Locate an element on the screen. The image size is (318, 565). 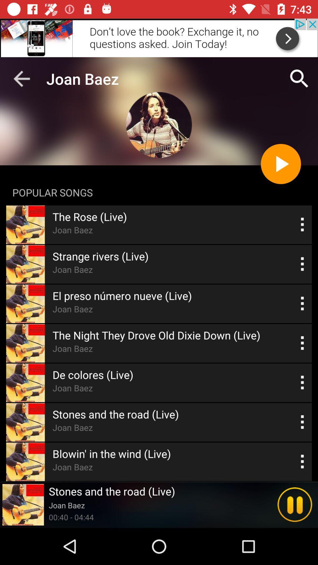
the more icon is located at coordinates (302, 461).